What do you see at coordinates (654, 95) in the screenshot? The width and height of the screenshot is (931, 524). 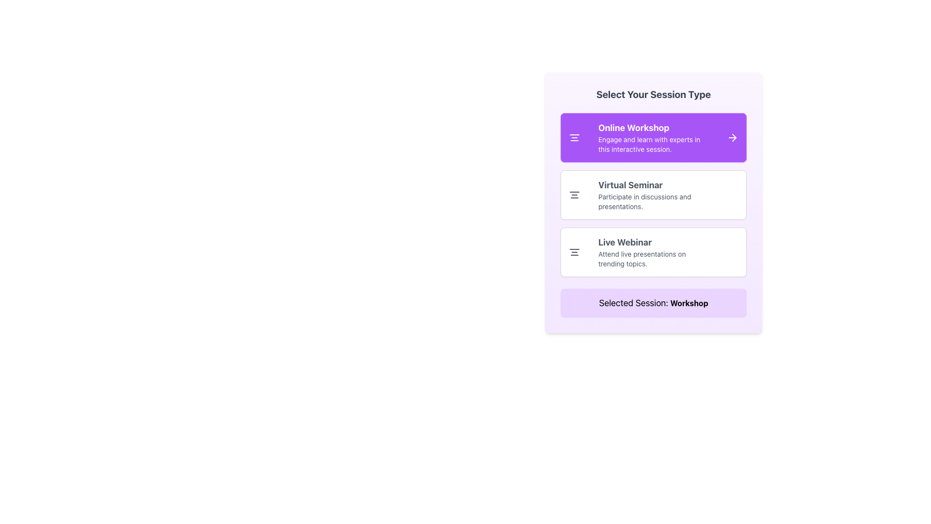 I see `descriptive title text element located at the top of the session selection panel, which indicates the purpose of choosing a session type` at bounding box center [654, 95].